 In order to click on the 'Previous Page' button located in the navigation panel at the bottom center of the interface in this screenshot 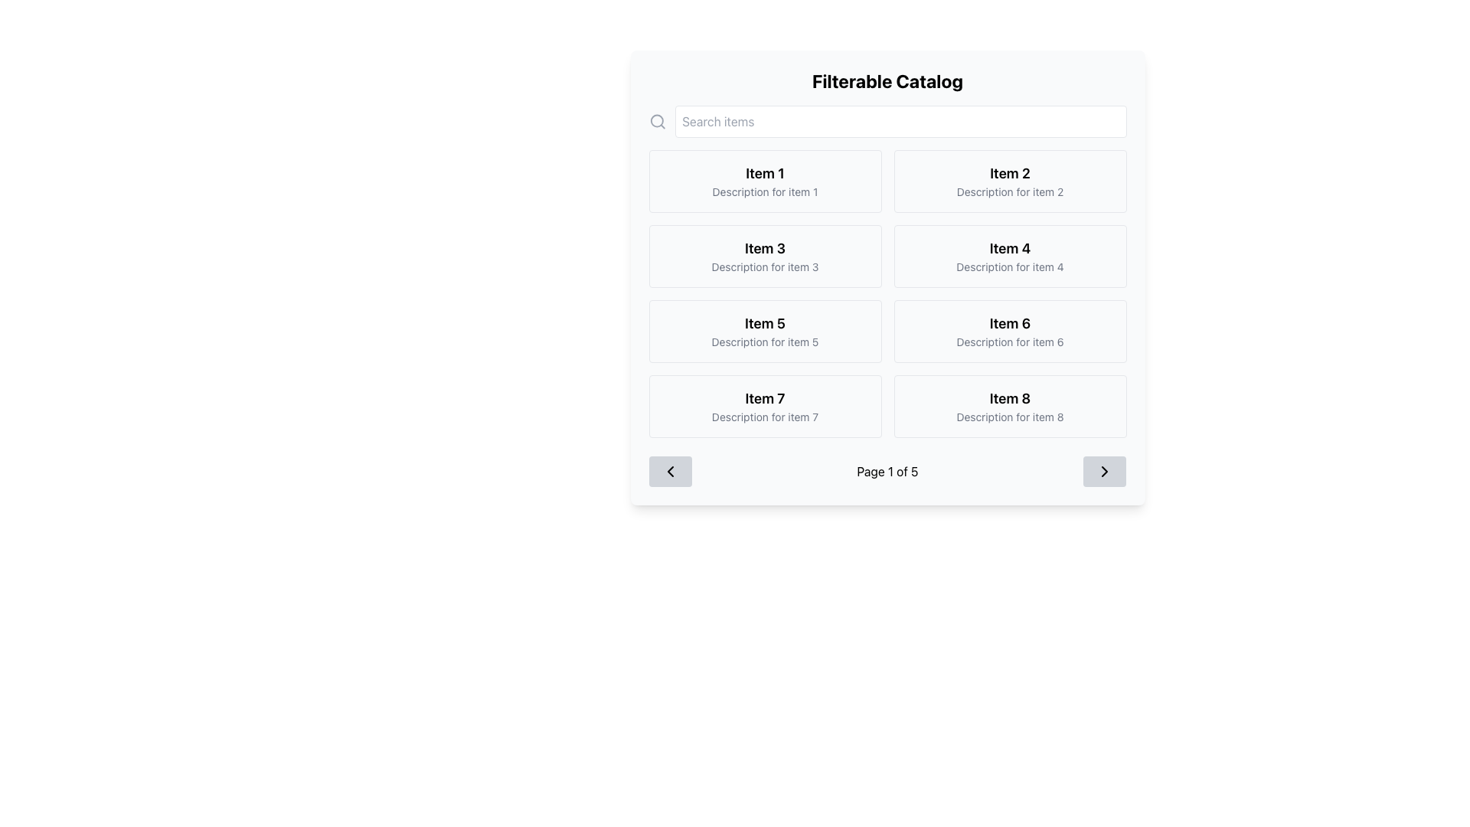, I will do `click(670, 471)`.